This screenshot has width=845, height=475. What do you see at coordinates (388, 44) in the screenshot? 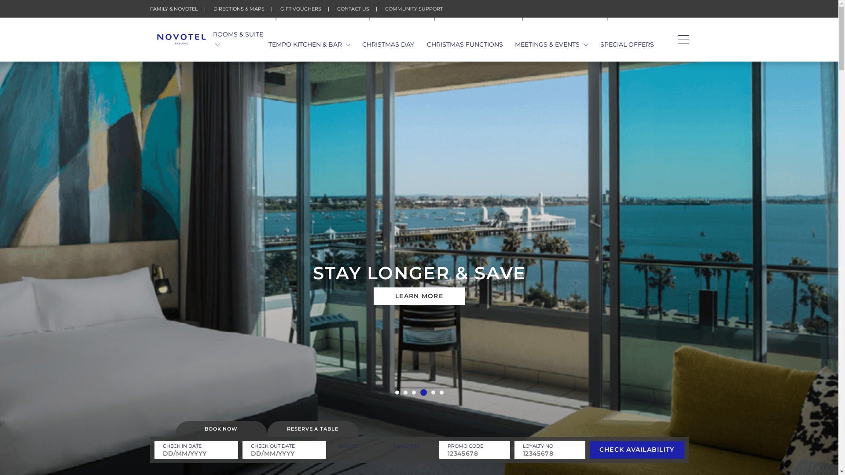
I see `'CHRISTMAS DAY'` at bounding box center [388, 44].